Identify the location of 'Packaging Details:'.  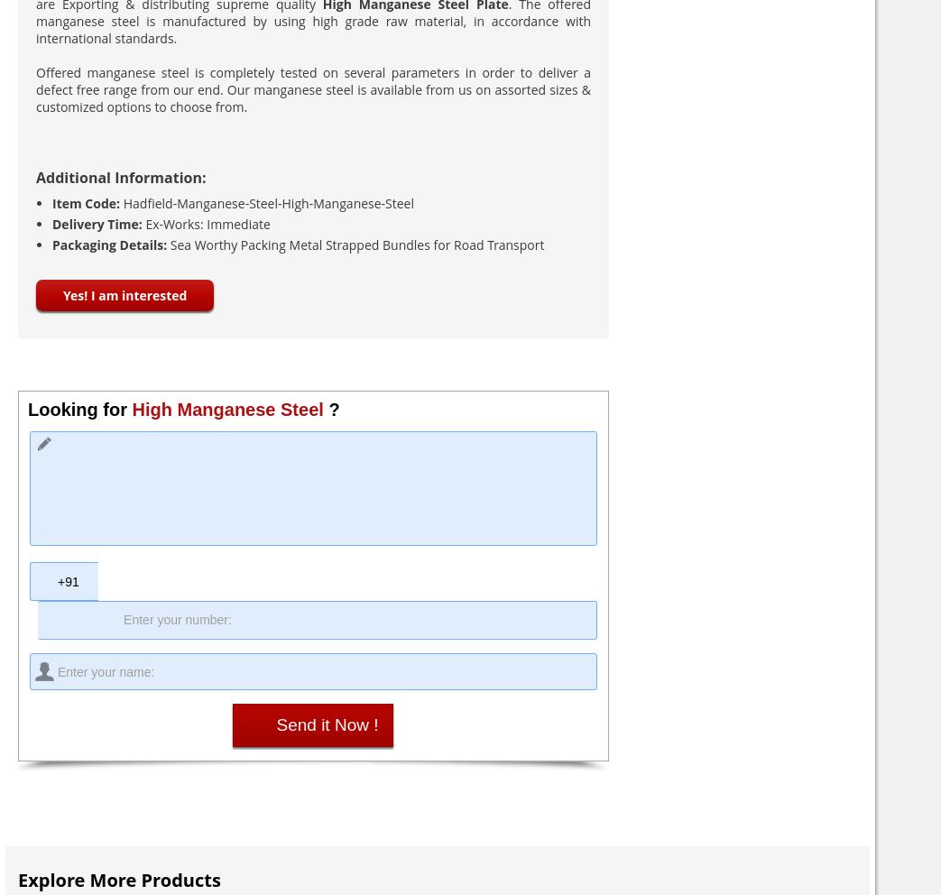
(51, 244).